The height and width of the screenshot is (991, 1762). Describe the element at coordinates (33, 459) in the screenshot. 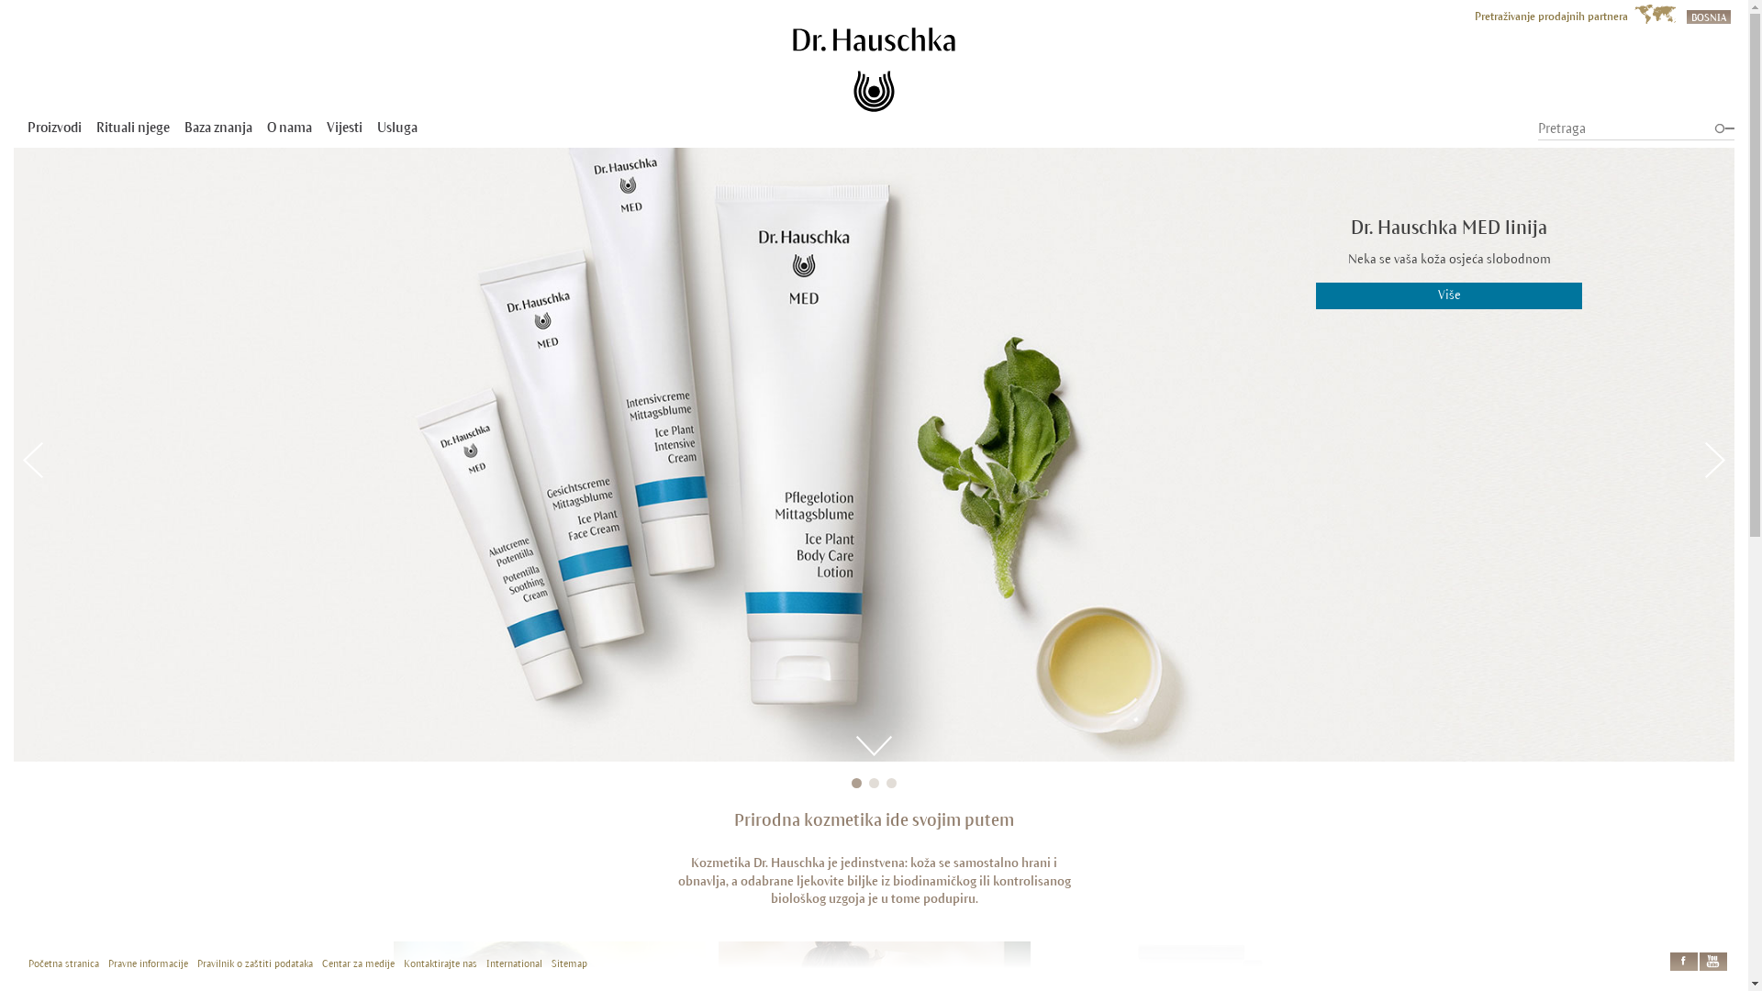

I see `'Previous'` at that location.